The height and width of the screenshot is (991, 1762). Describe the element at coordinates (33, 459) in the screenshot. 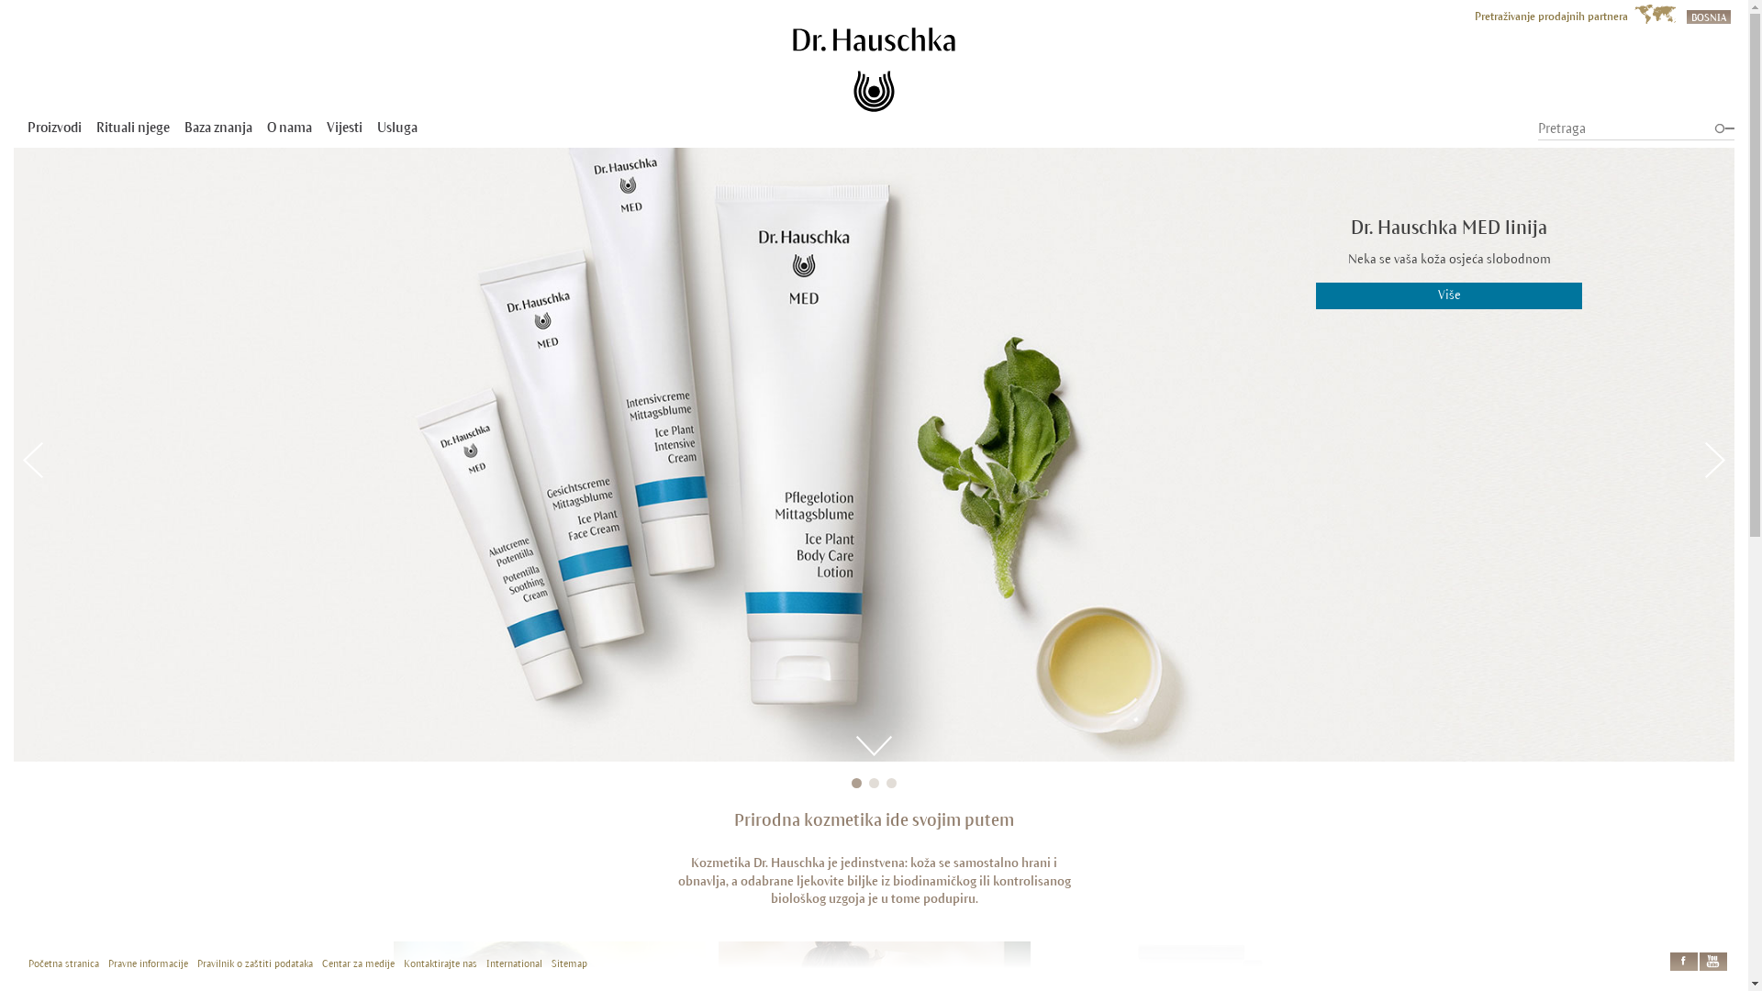

I see `'Previous'` at that location.